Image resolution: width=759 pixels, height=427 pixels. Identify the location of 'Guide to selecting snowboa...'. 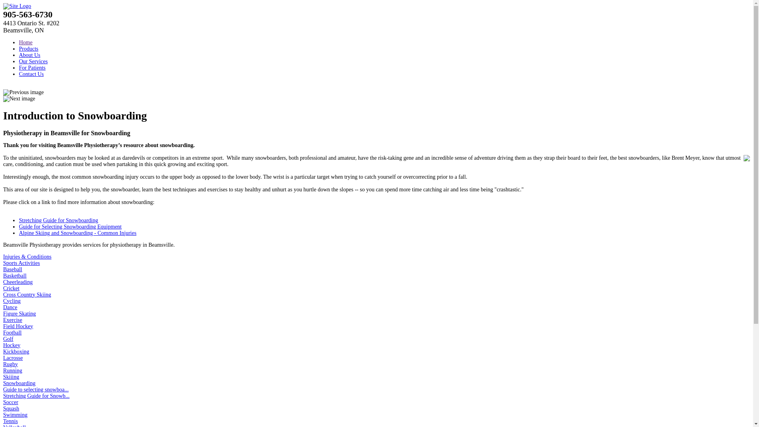
(36, 389).